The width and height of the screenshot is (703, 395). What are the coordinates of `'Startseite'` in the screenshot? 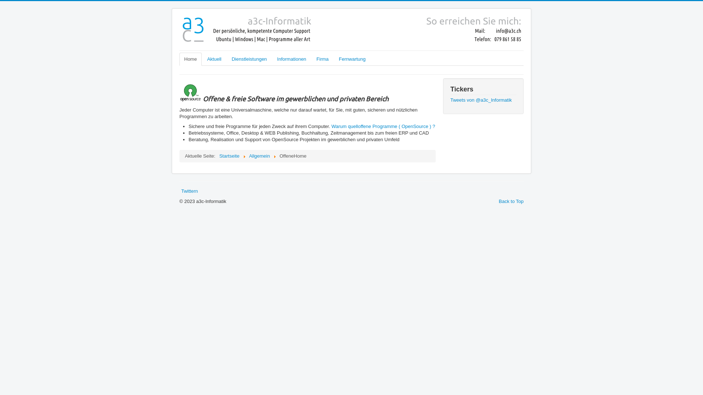 It's located at (229, 155).